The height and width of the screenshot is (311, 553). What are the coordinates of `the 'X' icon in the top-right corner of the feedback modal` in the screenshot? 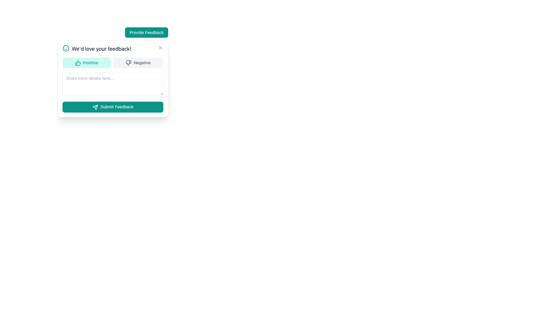 It's located at (160, 47).